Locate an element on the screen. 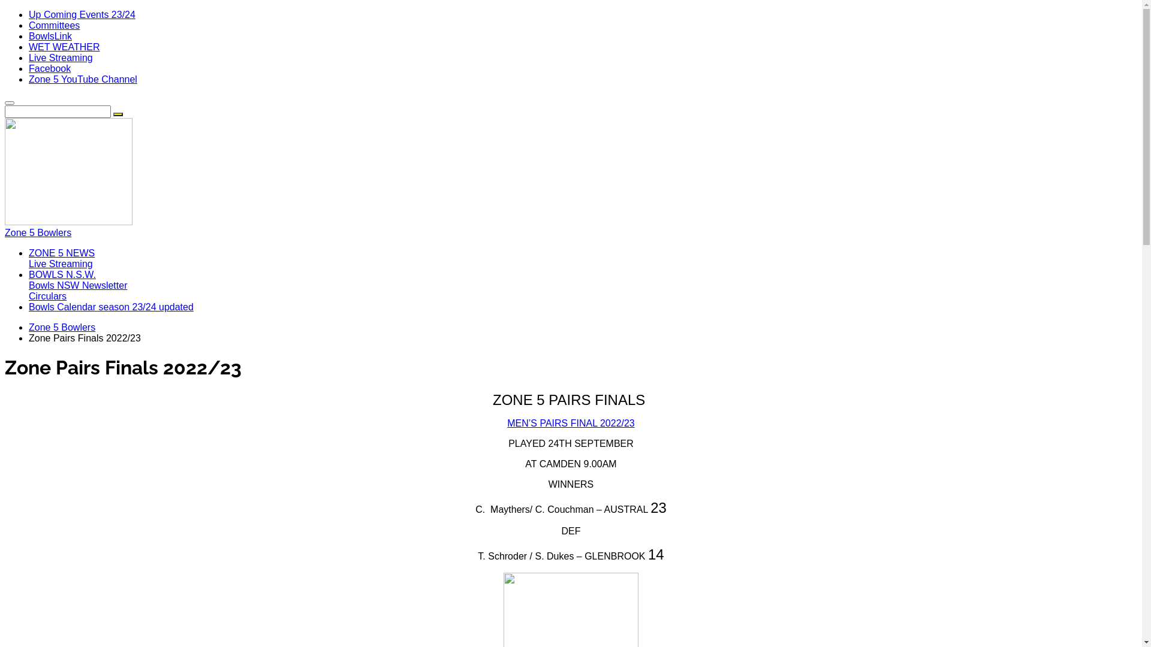 The image size is (1151, 647). 'Facebook' is located at coordinates (49, 68).